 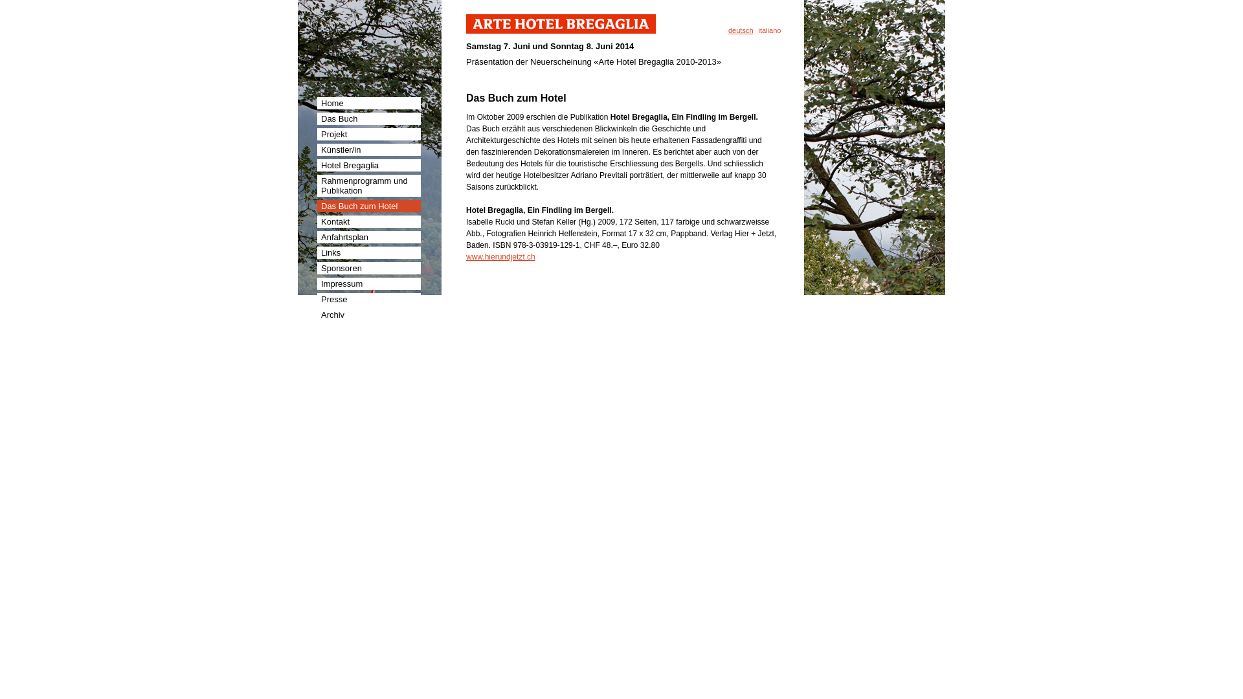 I want to click on 'Presse', so click(x=368, y=299).